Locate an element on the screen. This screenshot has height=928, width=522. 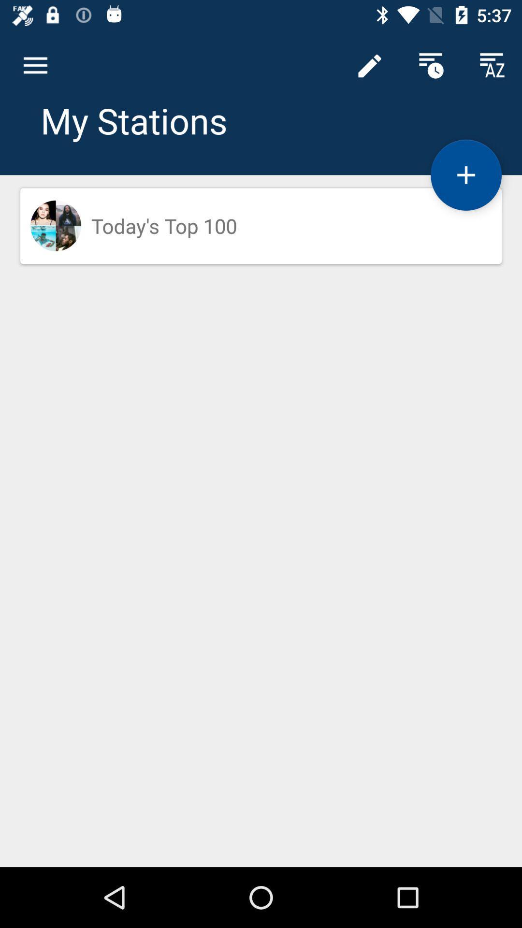
item above the today s top icon is located at coordinates (465, 175).